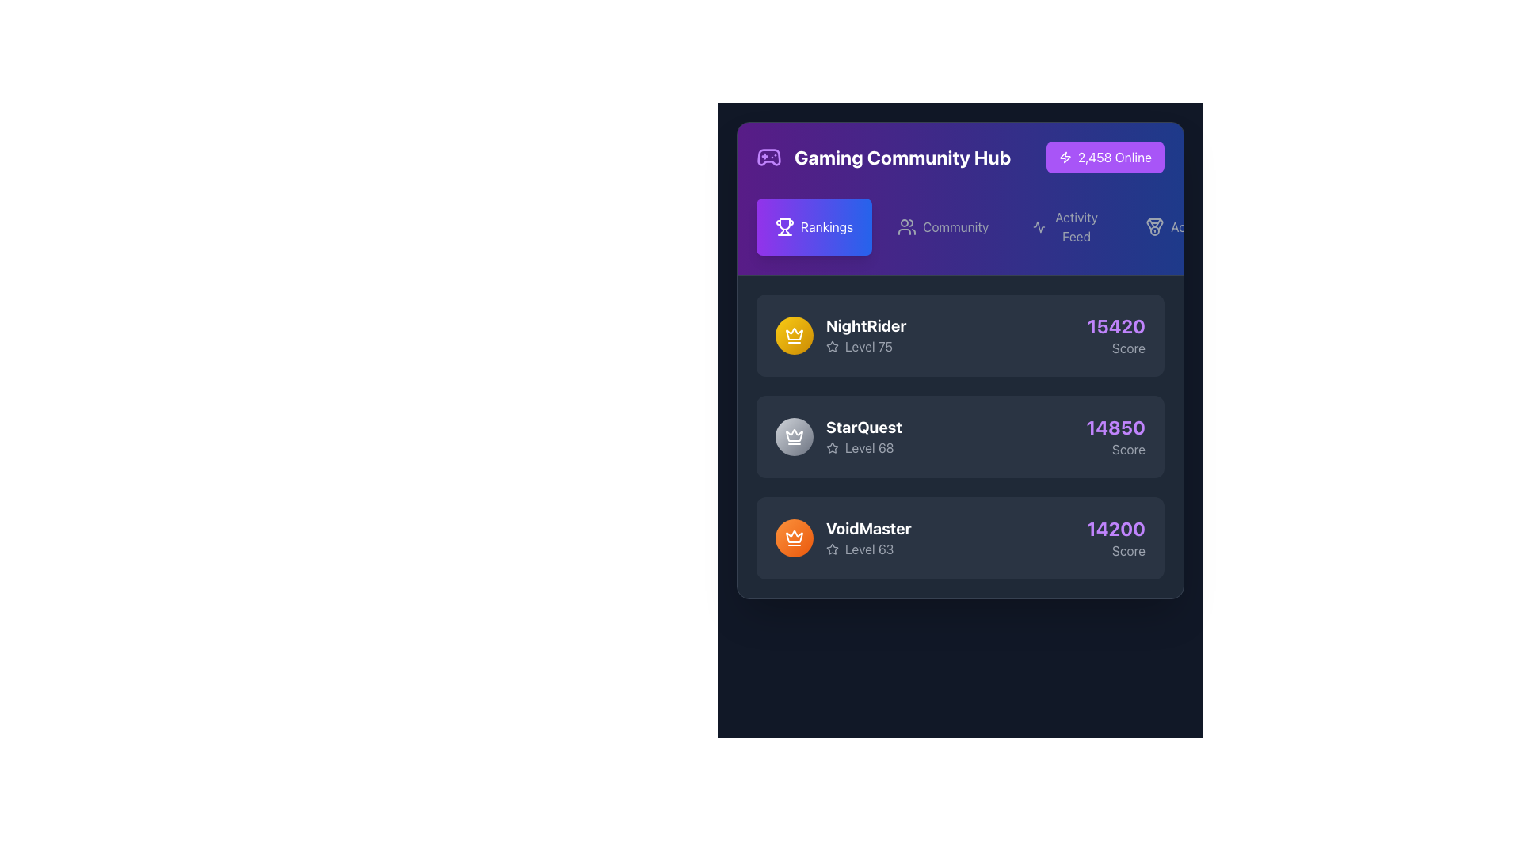 Image resolution: width=1521 pixels, height=855 pixels. What do you see at coordinates (959, 537) in the screenshot?
I see `the leaderboard entry displaying a user's name, level, and score, which is the third item in the list below 'NightRider' and 'StarQuest'` at bounding box center [959, 537].